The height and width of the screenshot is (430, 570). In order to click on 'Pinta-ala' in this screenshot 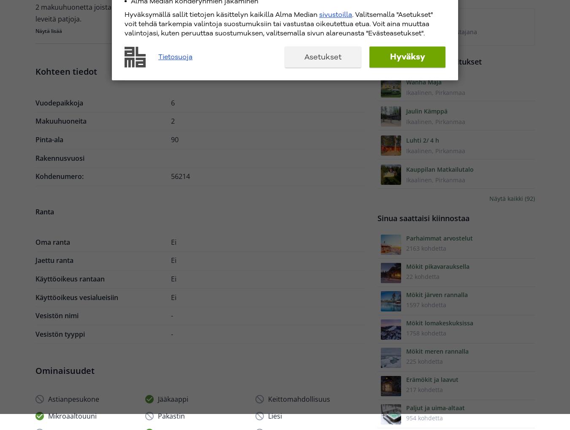, I will do `click(49, 139)`.